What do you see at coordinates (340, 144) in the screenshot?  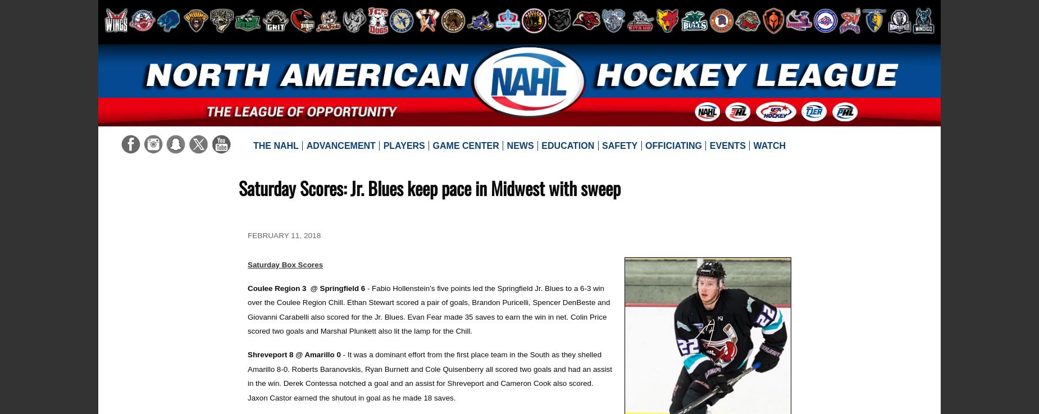 I see `'Advancement'` at bounding box center [340, 144].